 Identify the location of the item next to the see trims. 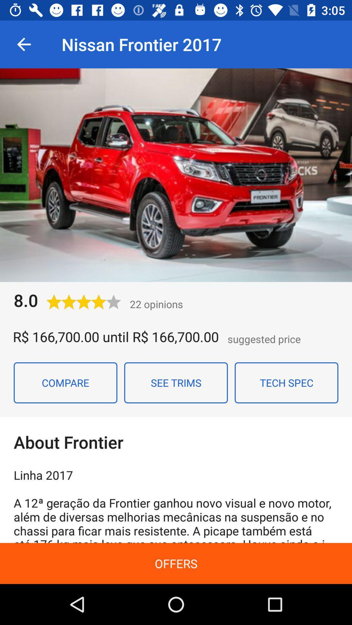
(65, 383).